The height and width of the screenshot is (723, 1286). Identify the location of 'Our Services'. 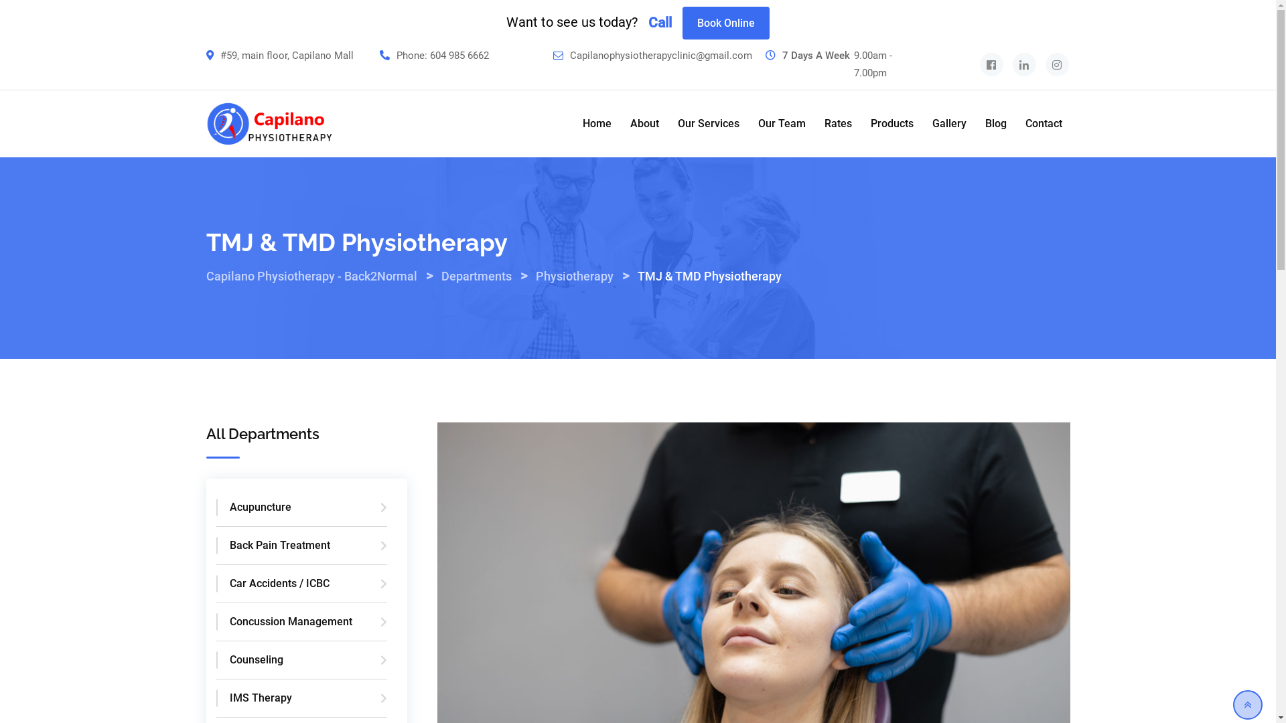
(707, 124).